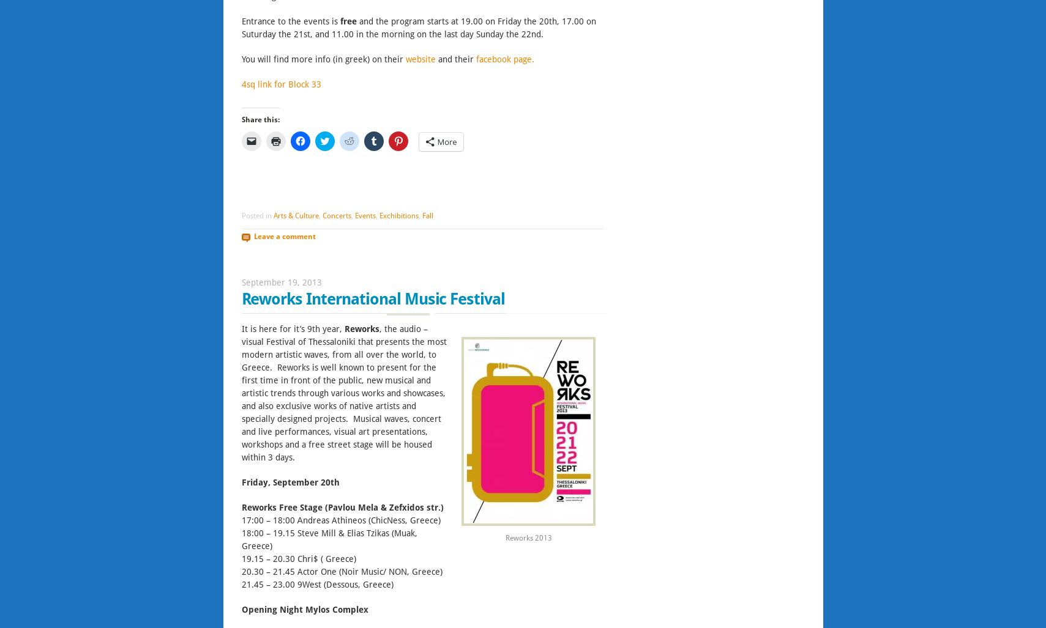 Image resolution: width=1046 pixels, height=628 pixels. What do you see at coordinates (417, 27) in the screenshot?
I see `'and the program starts at 19.00 on Friday the 20th, 17.00 on Suturday the 21st, and 11.00 in the morning on the last day Sunday the 22nd.'` at bounding box center [417, 27].